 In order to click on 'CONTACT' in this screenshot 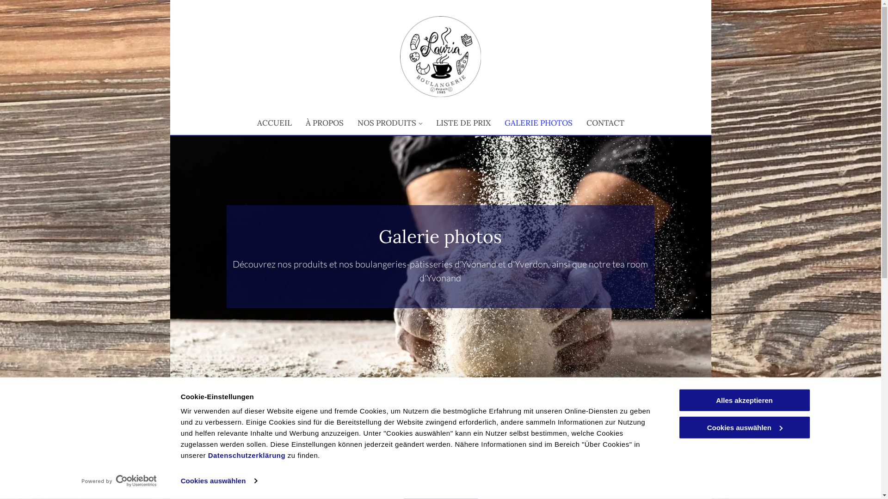, I will do `click(605, 122)`.